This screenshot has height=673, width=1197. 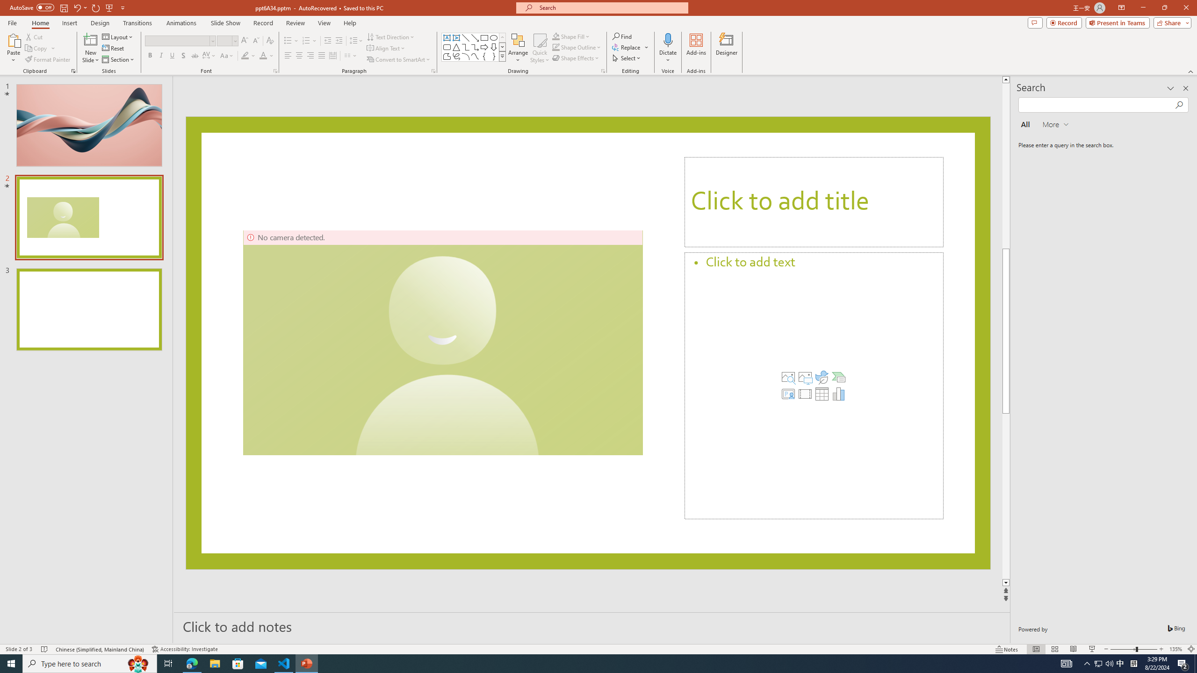 What do you see at coordinates (465, 56) in the screenshot?
I see `'Arc'` at bounding box center [465, 56].